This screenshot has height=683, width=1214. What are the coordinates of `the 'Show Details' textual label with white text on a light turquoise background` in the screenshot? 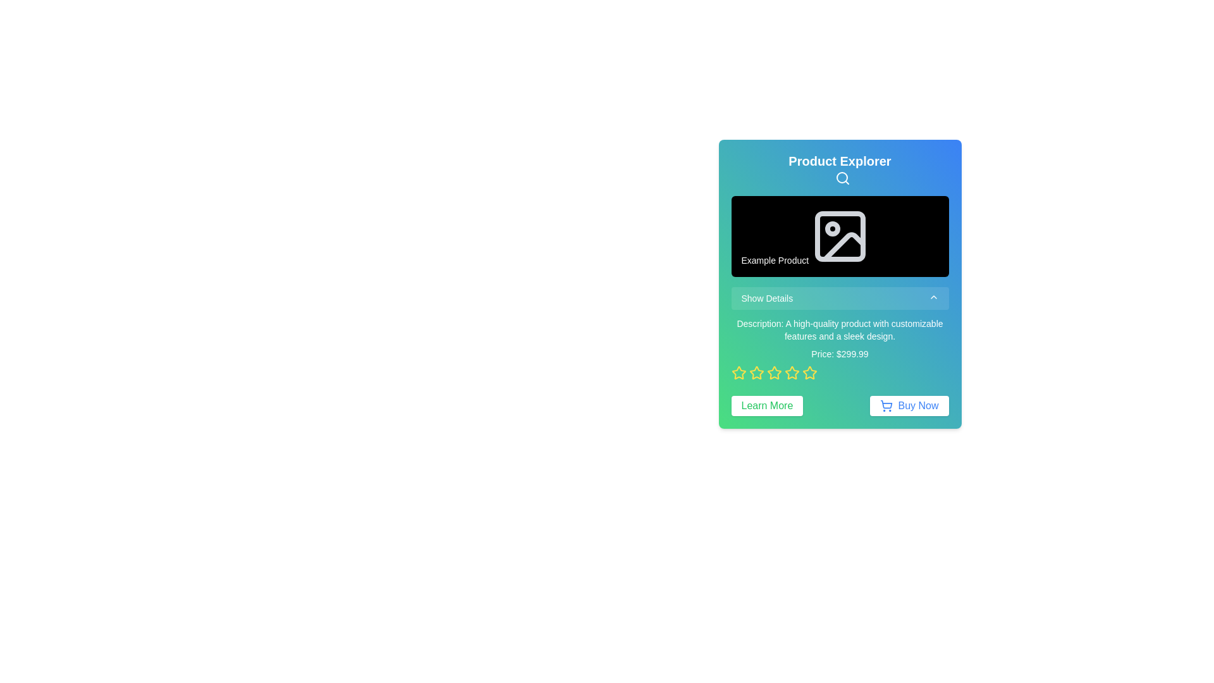 It's located at (766, 298).